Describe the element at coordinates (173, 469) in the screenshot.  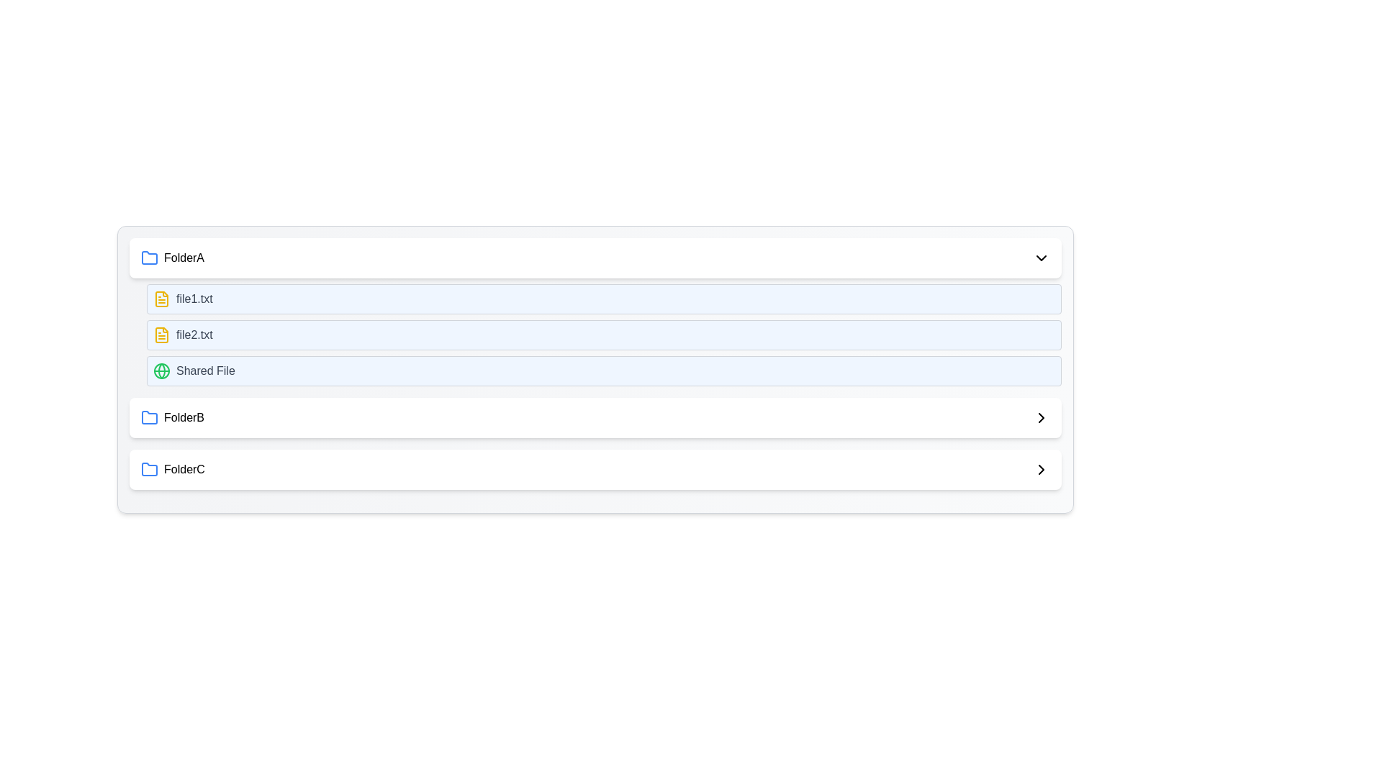
I see `the folder entry labeled 'FolderC', which features a blue folder icon and medium-sized black text` at that location.